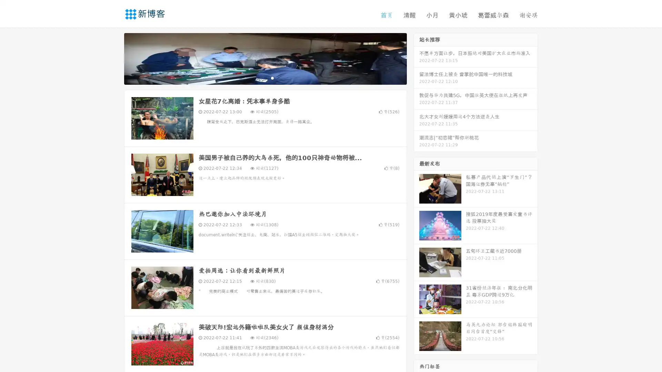 Image resolution: width=662 pixels, height=372 pixels. I want to click on Go to slide 1, so click(258, 77).